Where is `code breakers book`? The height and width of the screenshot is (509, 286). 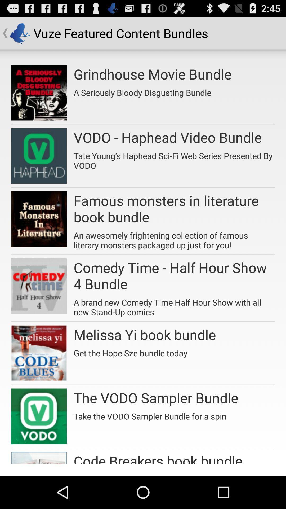
code breakers book is located at coordinates (158, 458).